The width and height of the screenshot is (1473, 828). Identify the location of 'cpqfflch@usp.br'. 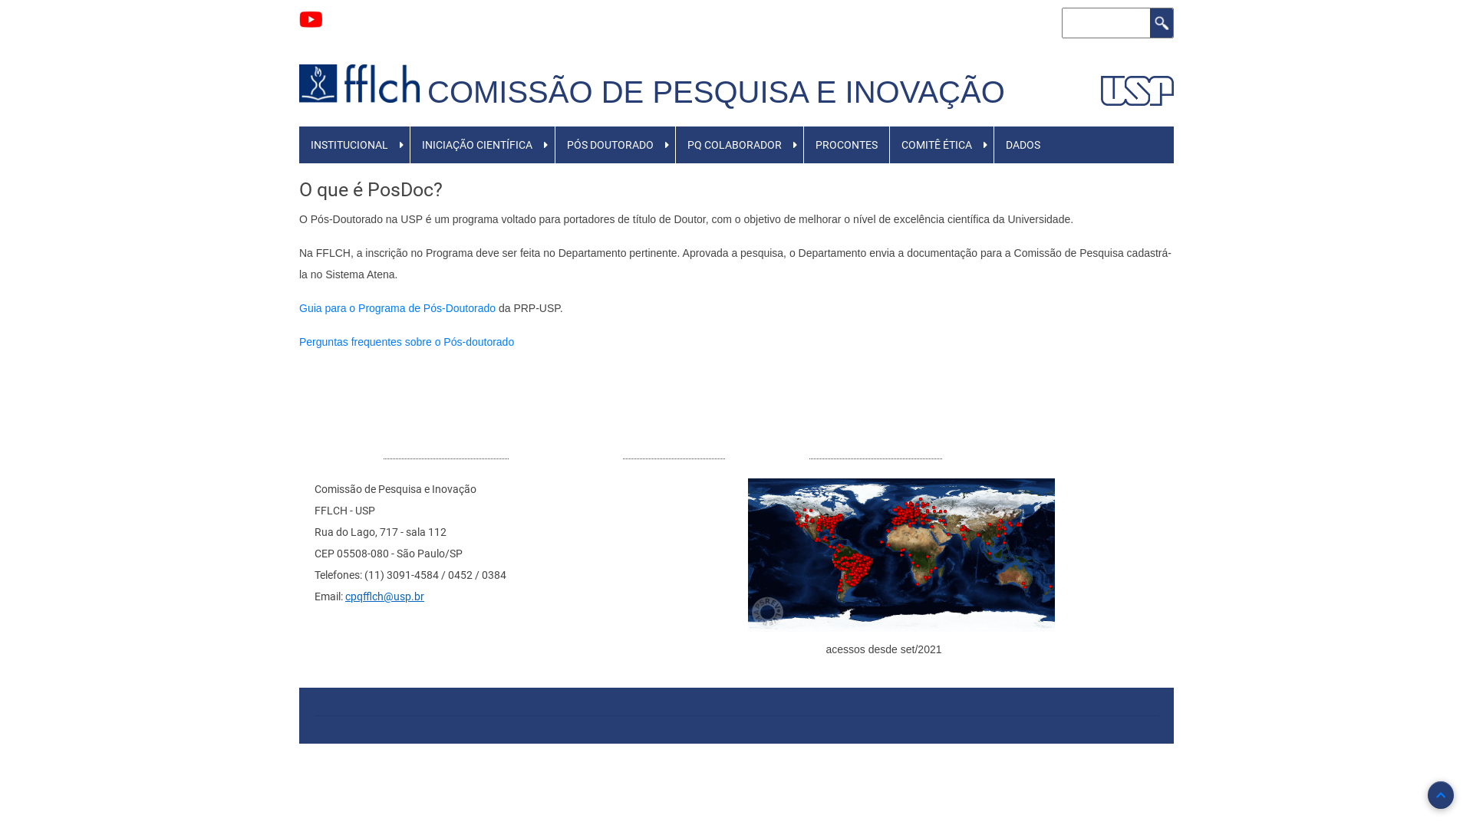
(344, 596).